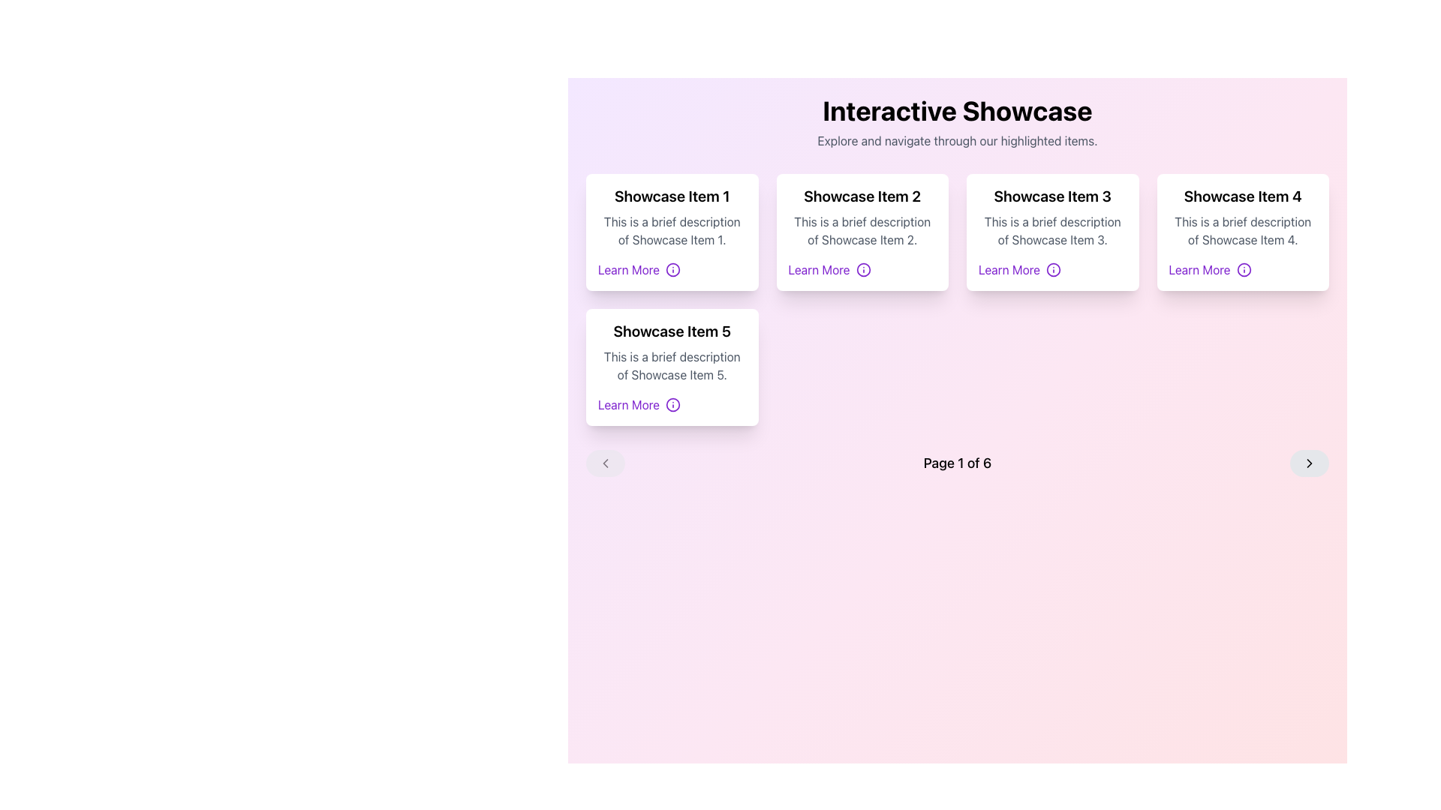  I want to click on bold, black text label titled 'Showcase Item 1' located at the top of the leftmost card in the showcase interface to understand the title, so click(671, 196).